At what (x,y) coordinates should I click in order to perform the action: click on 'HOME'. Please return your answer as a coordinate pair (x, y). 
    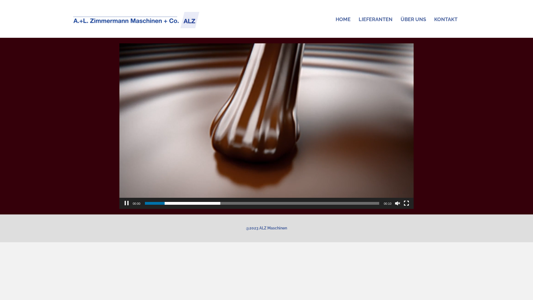
    Looking at the image, I should click on (343, 19).